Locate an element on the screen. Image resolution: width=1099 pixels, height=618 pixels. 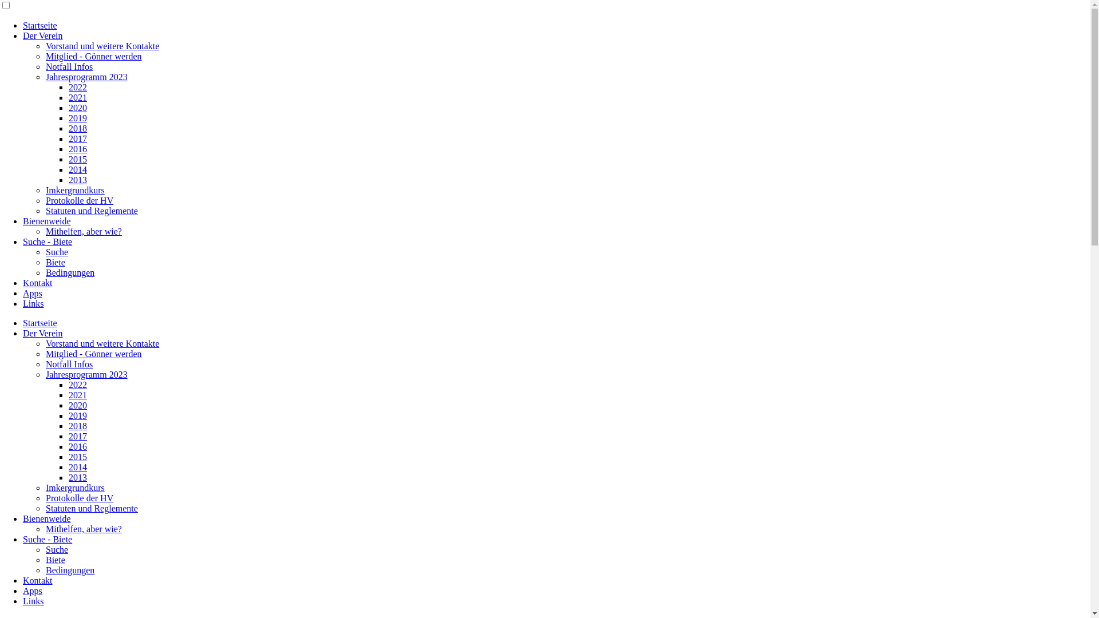
'Bienenweide' is located at coordinates (46, 221).